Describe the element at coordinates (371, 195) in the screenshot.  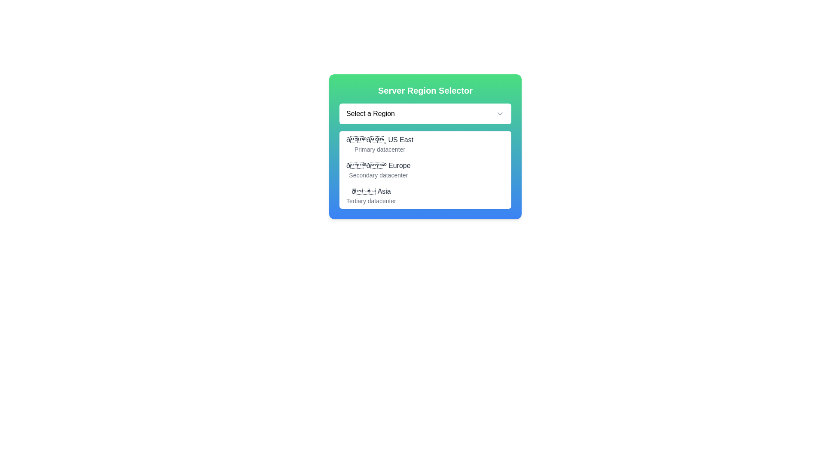
I see `the dropdown list item displaying '🌏 Asia' with the description 'Tertiary datacenter', which is the third option in the dropdown menu located beneath 'US East' and 'Europe'` at that location.